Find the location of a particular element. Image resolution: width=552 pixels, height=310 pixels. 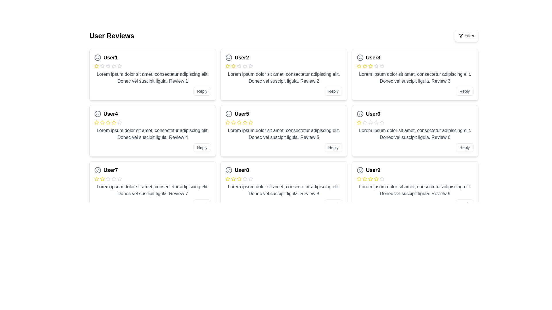

the gray text paragraph containing a review description associated with User6, located in the lower middle section of the User6 card is located at coordinates (415, 134).